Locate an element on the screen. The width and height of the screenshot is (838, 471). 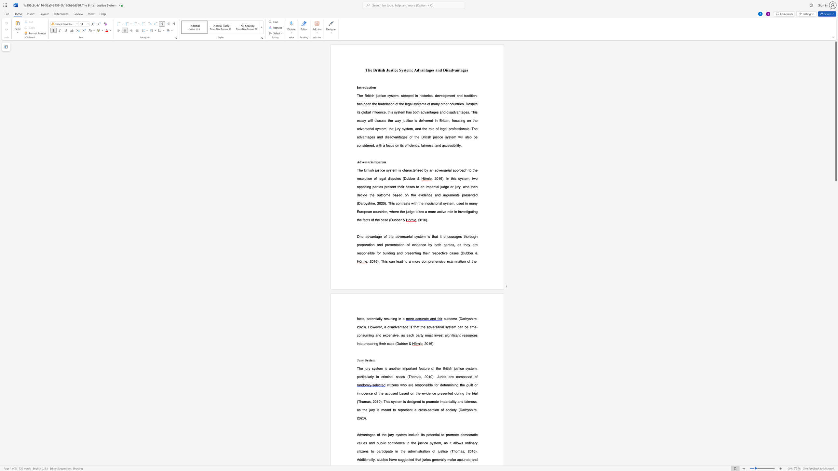
the subset text "Darbyshire" within the text "a cross-section of society (Darbyshire," is located at coordinates (459, 410).